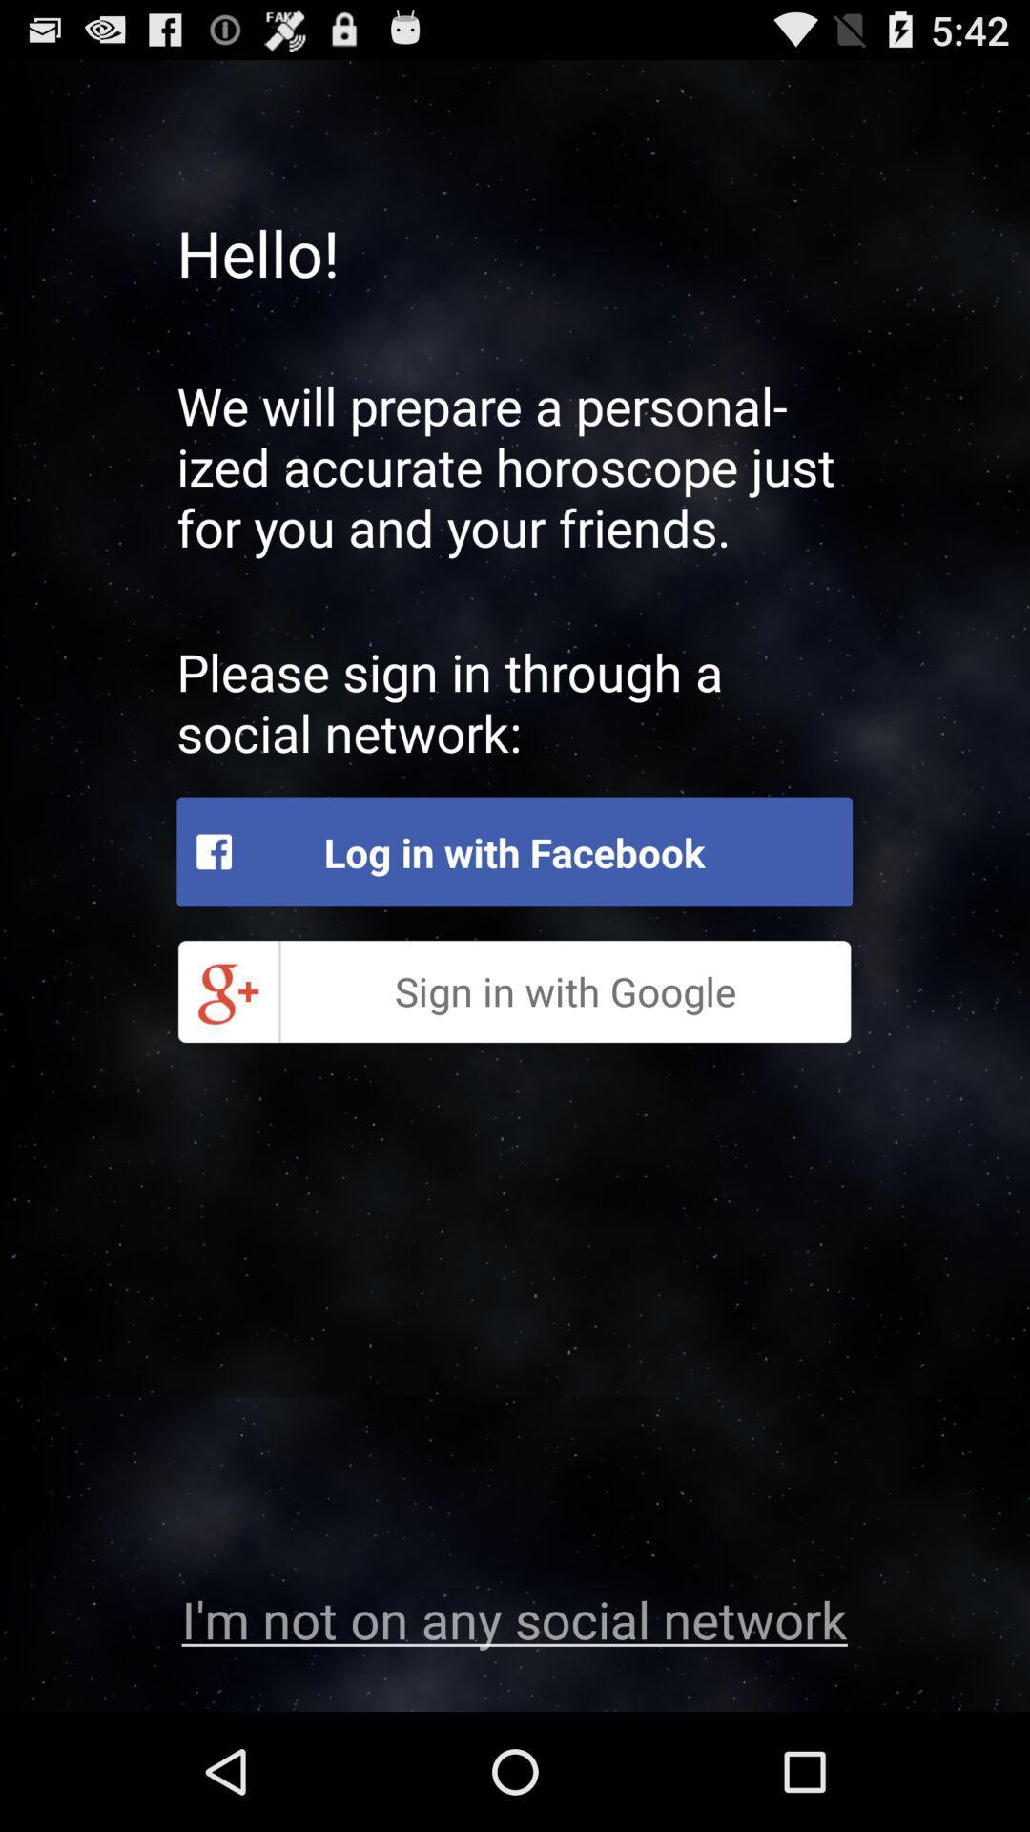 The width and height of the screenshot is (1030, 1832). What do you see at coordinates (513, 1617) in the screenshot?
I see `the i m not` at bounding box center [513, 1617].